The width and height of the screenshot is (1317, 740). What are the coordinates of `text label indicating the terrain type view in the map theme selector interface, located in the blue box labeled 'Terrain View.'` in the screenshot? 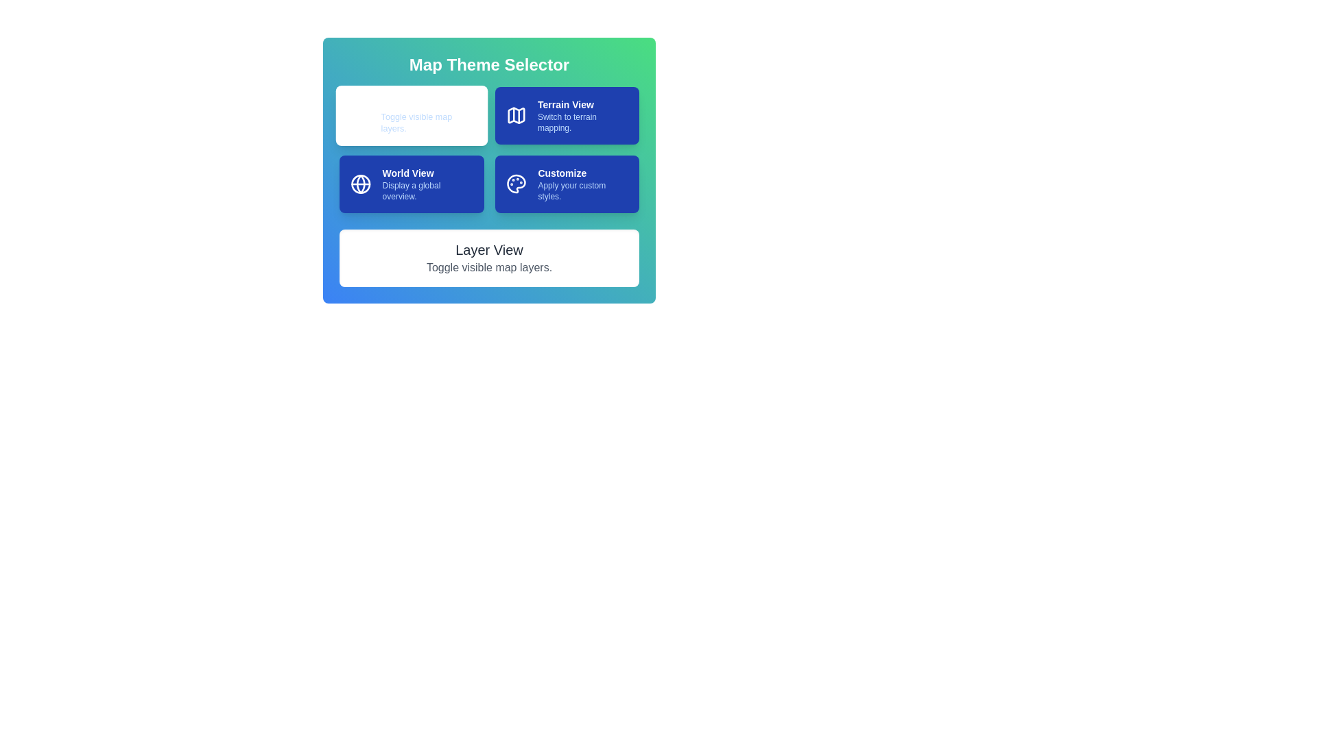 It's located at (582, 104).